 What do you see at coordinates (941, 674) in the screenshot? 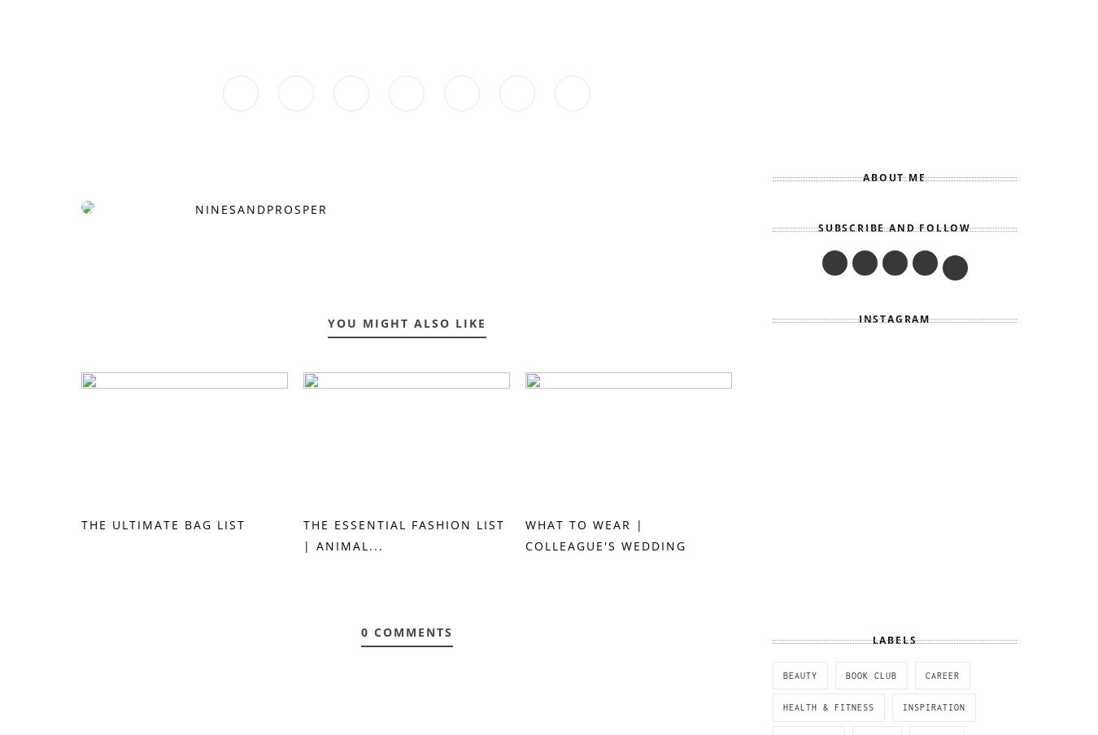
I see `'career'` at bounding box center [941, 674].